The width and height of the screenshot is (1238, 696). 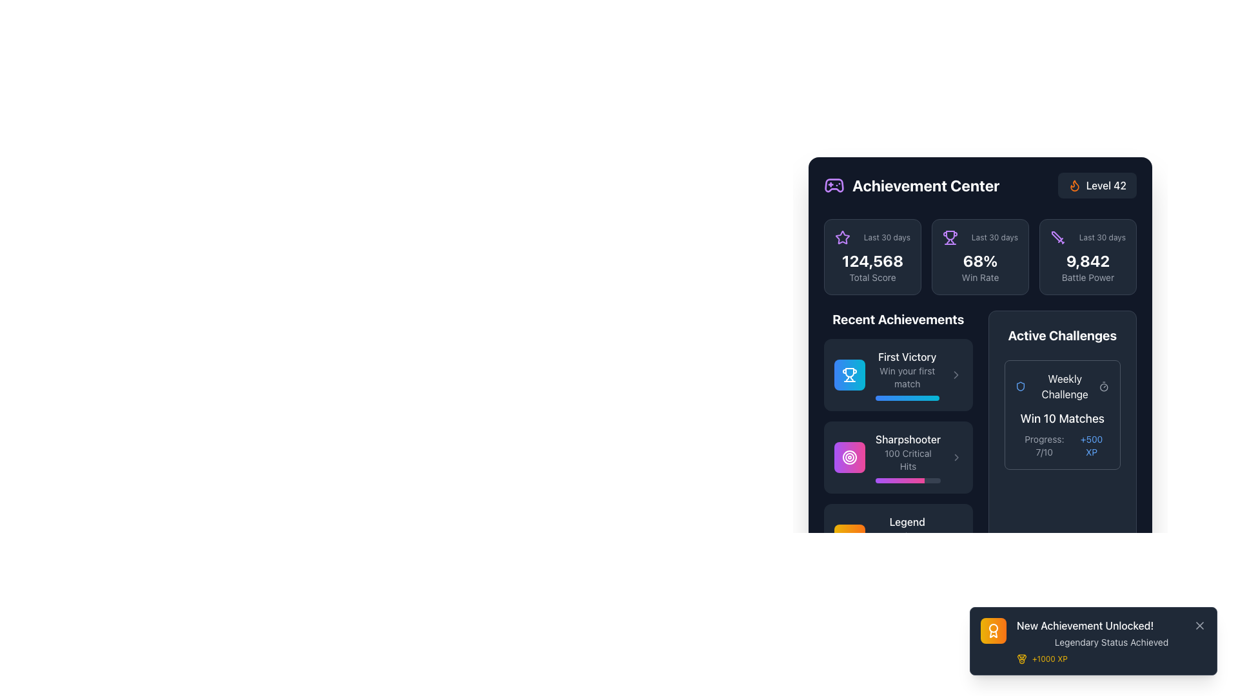 What do you see at coordinates (842, 237) in the screenshot?
I see `achievement icon located in the top-left quadrant of the 'Achievement Center' dashboard, above the 'Recent Achievements' section and next to the 'Total Score' area using developer tools` at bounding box center [842, 237].